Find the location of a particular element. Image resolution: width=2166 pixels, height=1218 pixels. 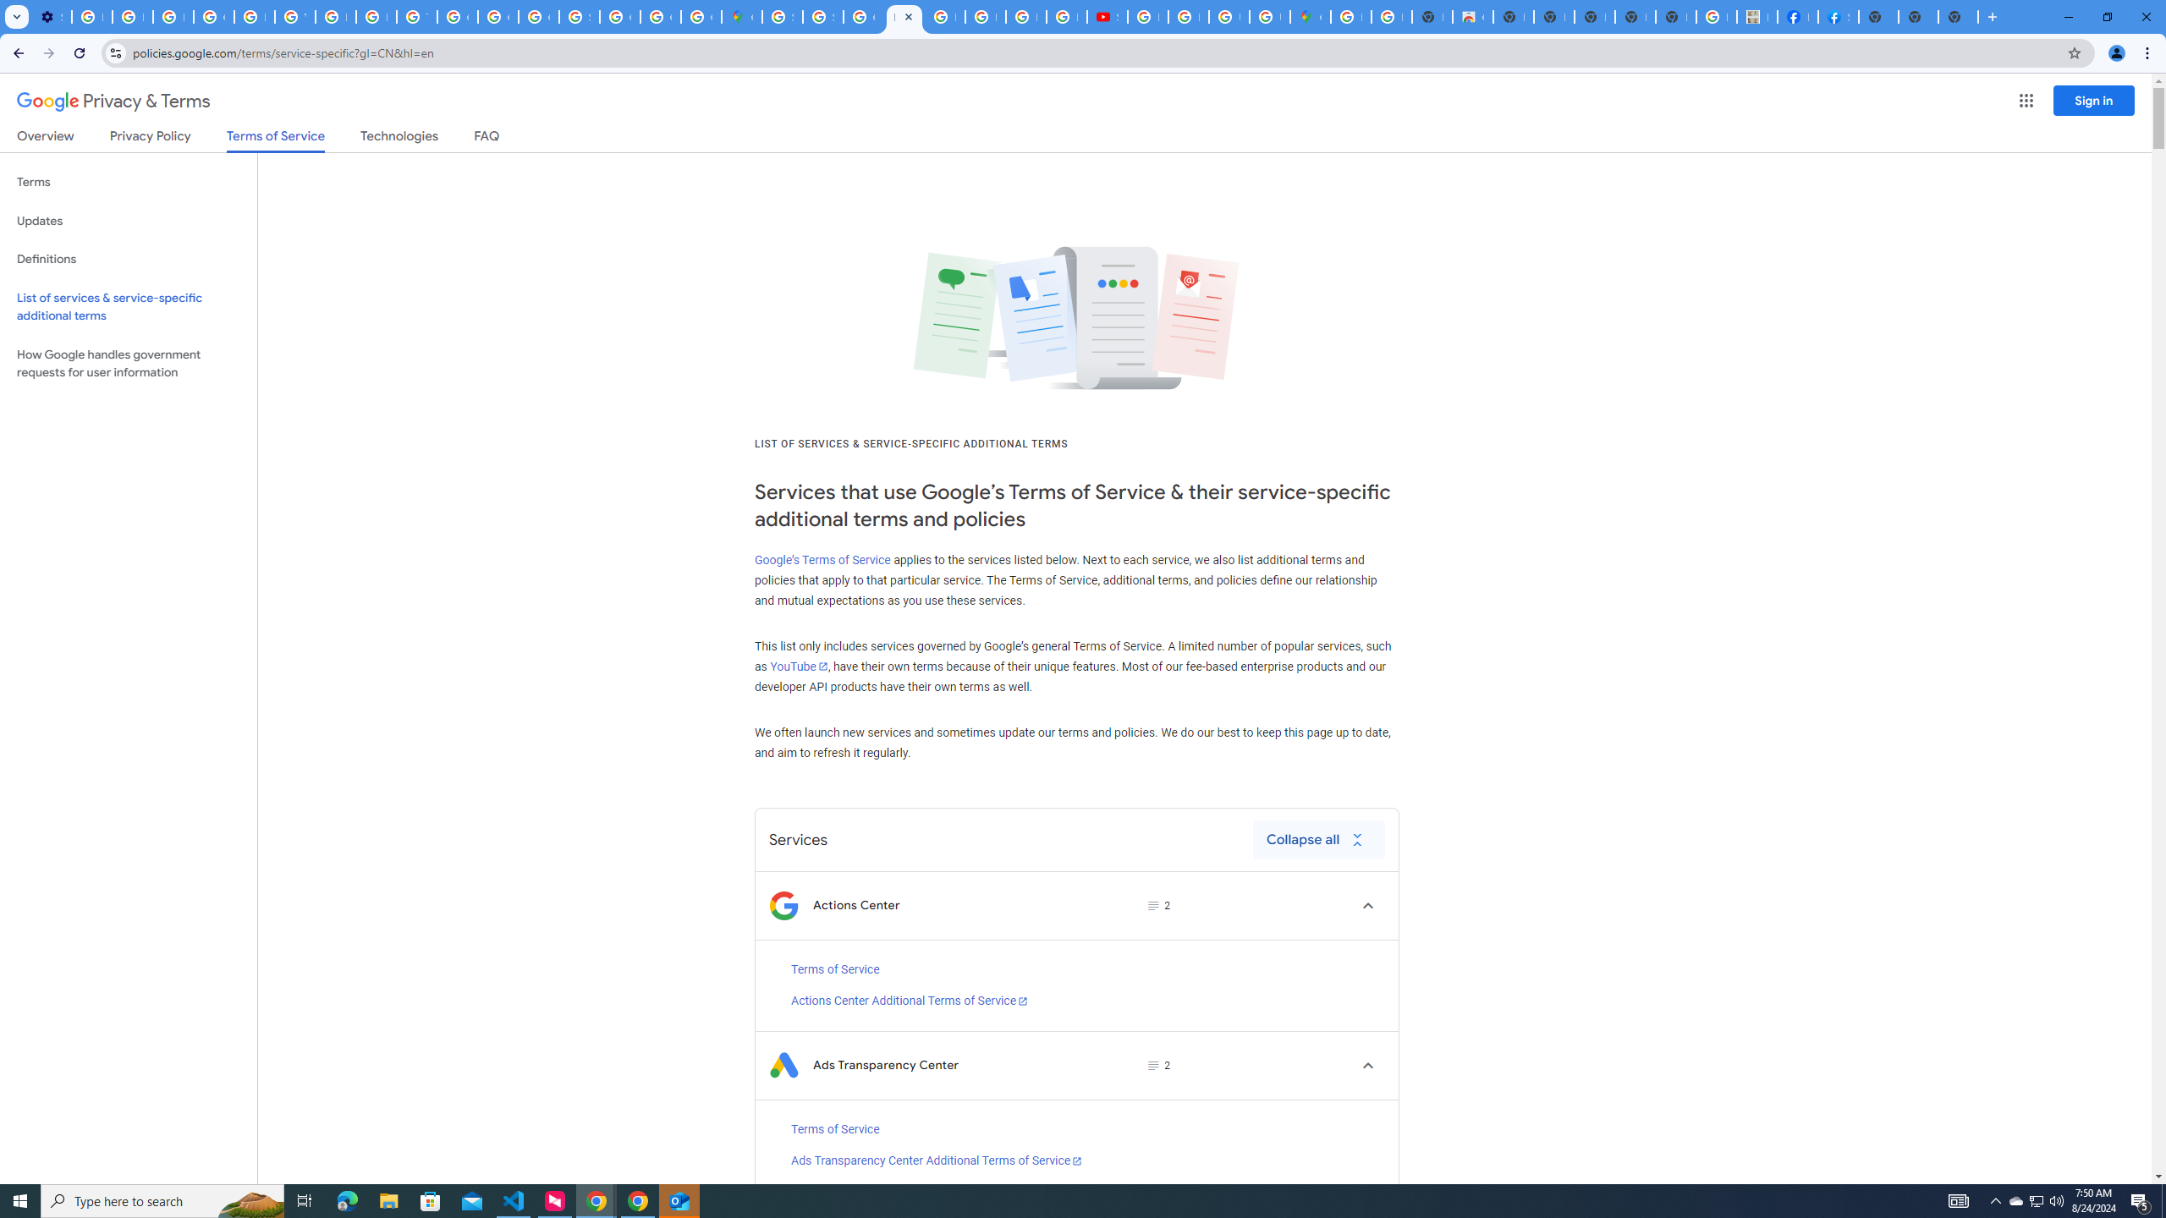

'Settings - Customize profile' is located at coordinates (52, 16).